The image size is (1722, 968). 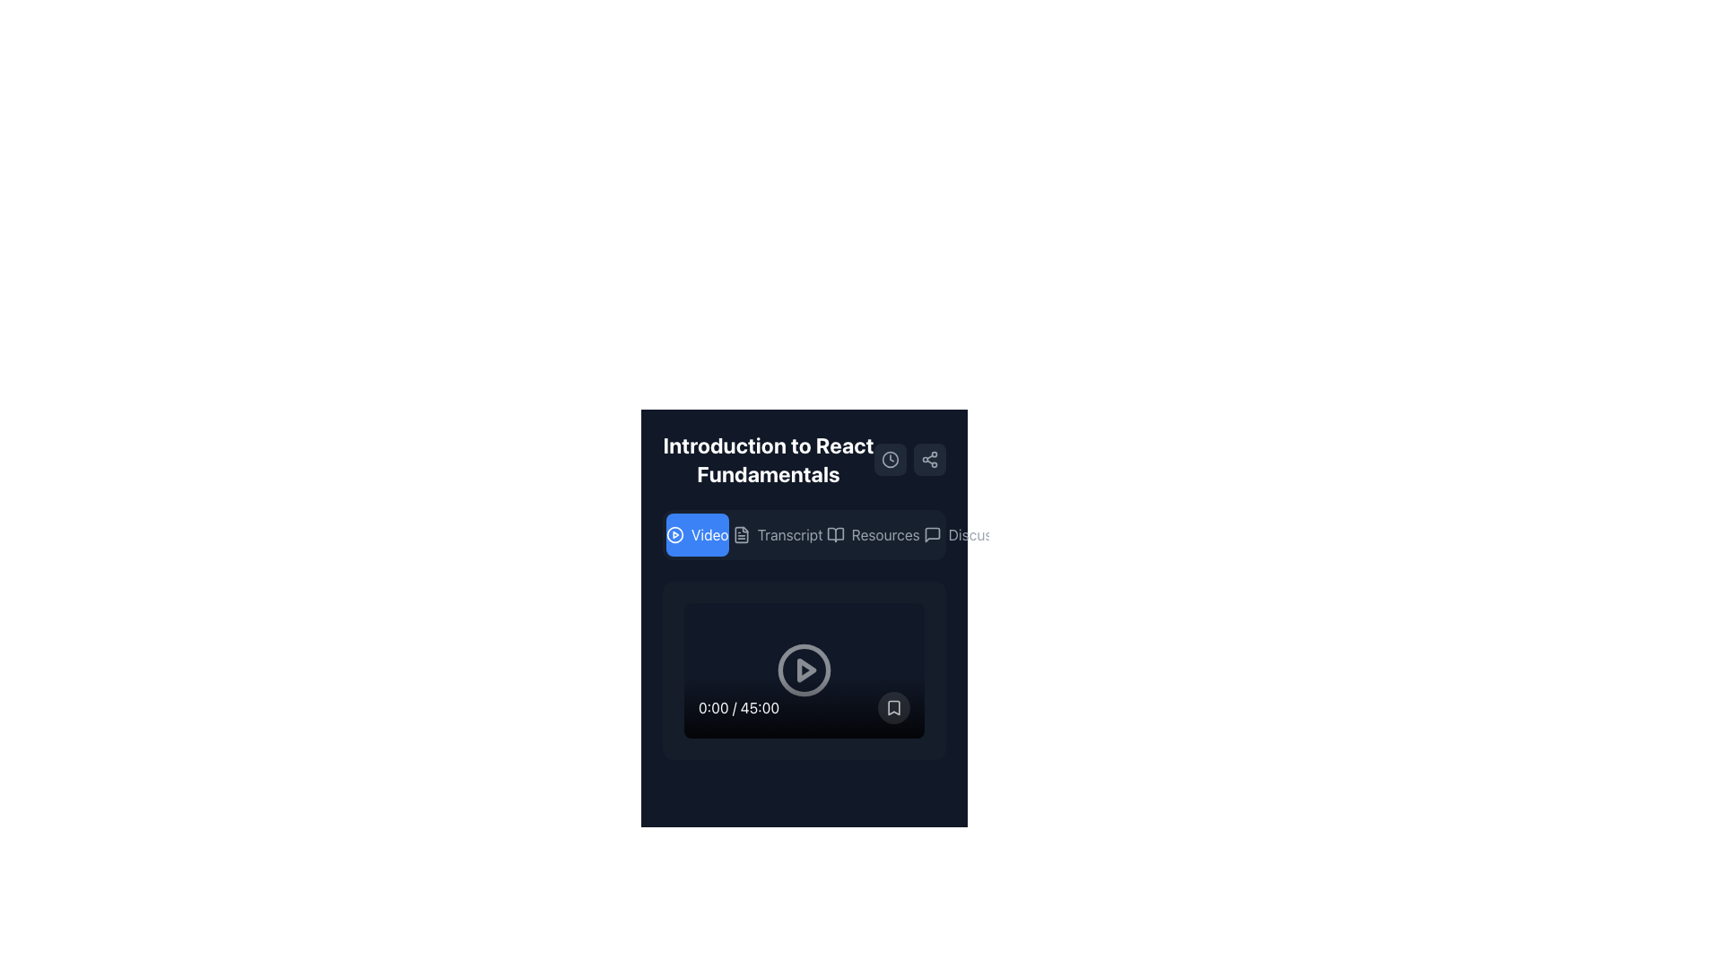 I want to click on the center of the play button icon located in the video player interface, so click(x=674, y=534).